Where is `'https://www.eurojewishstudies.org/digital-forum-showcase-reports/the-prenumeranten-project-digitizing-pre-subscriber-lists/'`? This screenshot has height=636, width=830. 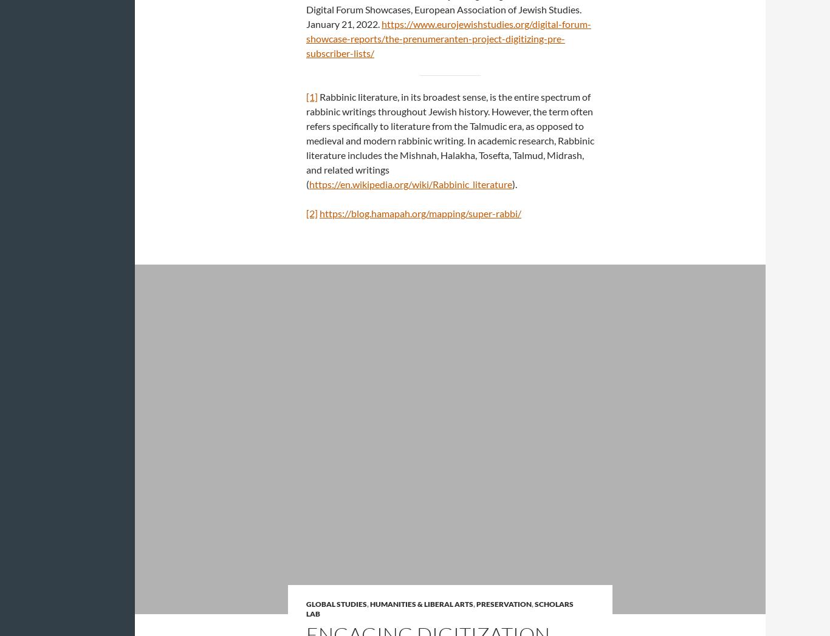
'https://www.eurojewishstudies.org/digital-forum-showcase-reports/the-prenumeranten-project-digitizing-pre-subscriber-lists/' is located at coordinates (448, 38).